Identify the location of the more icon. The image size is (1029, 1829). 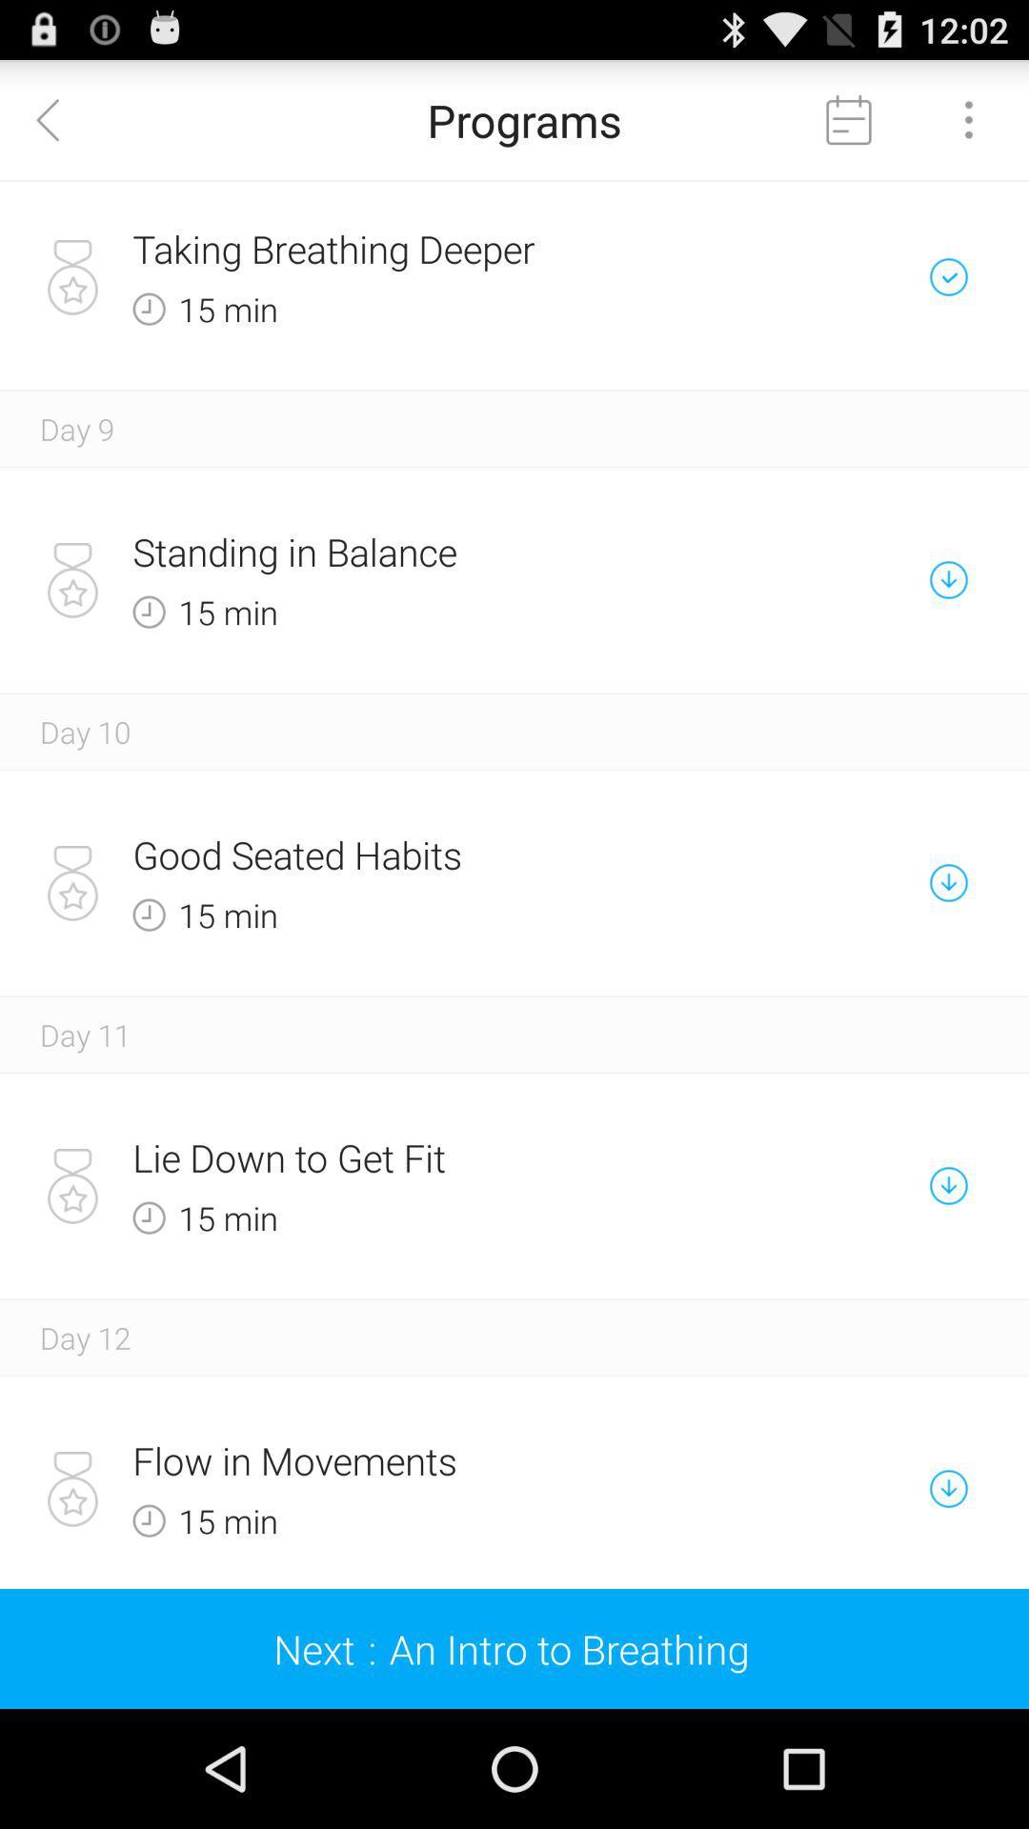
(969, 127).